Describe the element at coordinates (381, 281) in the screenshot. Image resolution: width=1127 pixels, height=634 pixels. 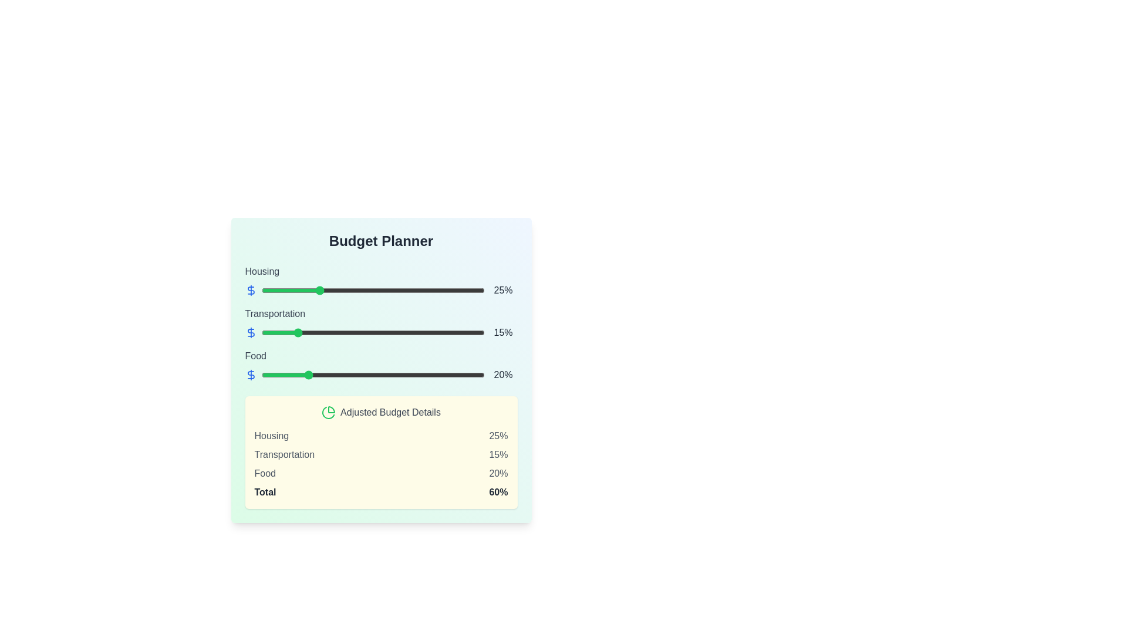
I see `the 'Housing' slider` at that location.